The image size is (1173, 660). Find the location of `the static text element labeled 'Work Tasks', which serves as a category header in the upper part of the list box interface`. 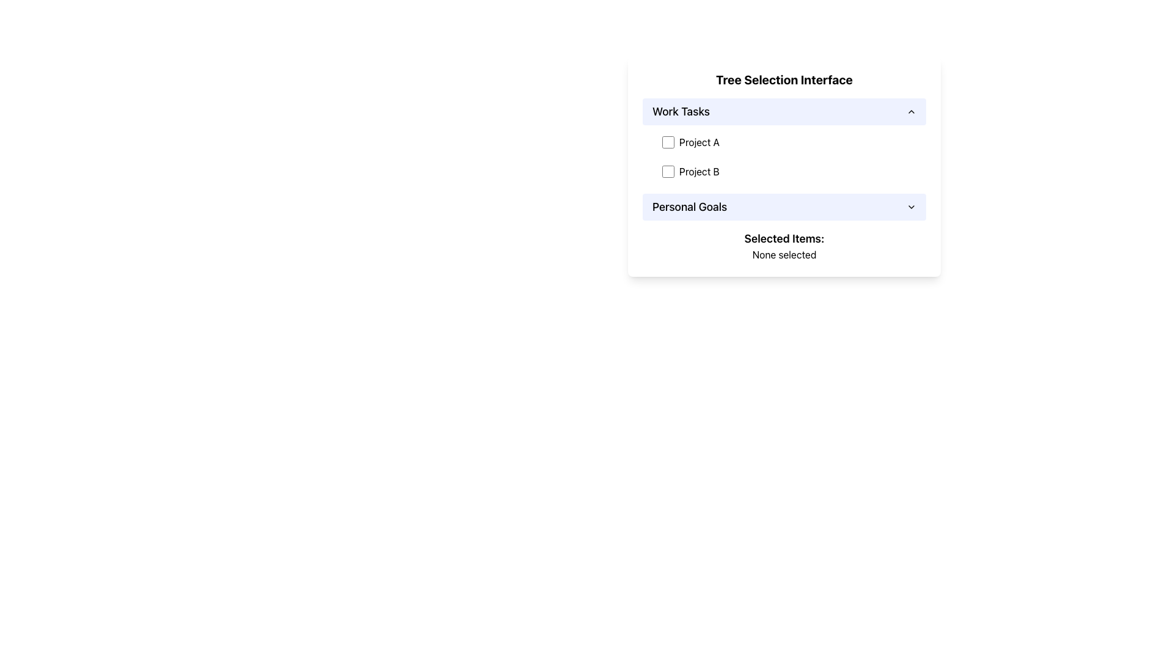

the static text element labeled 'Work Tasks', which serves as a category header in the upper part of the list box interface is located at coordinates (680, 111).